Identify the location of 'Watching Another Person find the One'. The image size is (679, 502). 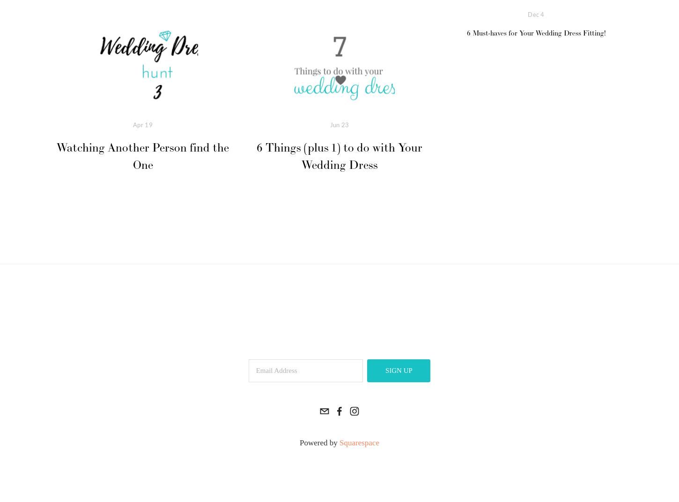
(142, 156).